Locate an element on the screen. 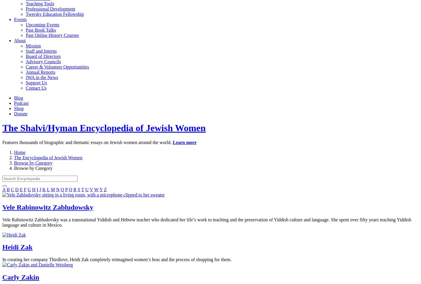  'P' is located at coordinates (66, 189).